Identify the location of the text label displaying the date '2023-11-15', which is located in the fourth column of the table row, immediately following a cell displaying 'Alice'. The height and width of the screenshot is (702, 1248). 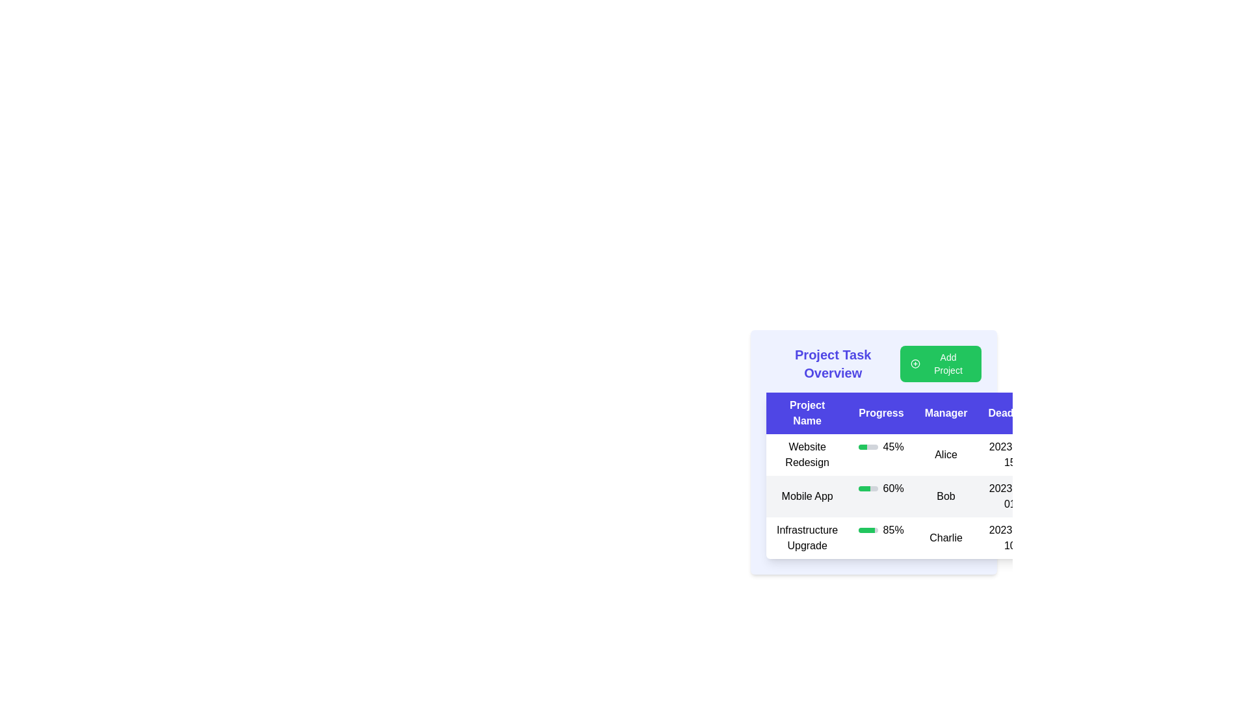
(1009, 454).